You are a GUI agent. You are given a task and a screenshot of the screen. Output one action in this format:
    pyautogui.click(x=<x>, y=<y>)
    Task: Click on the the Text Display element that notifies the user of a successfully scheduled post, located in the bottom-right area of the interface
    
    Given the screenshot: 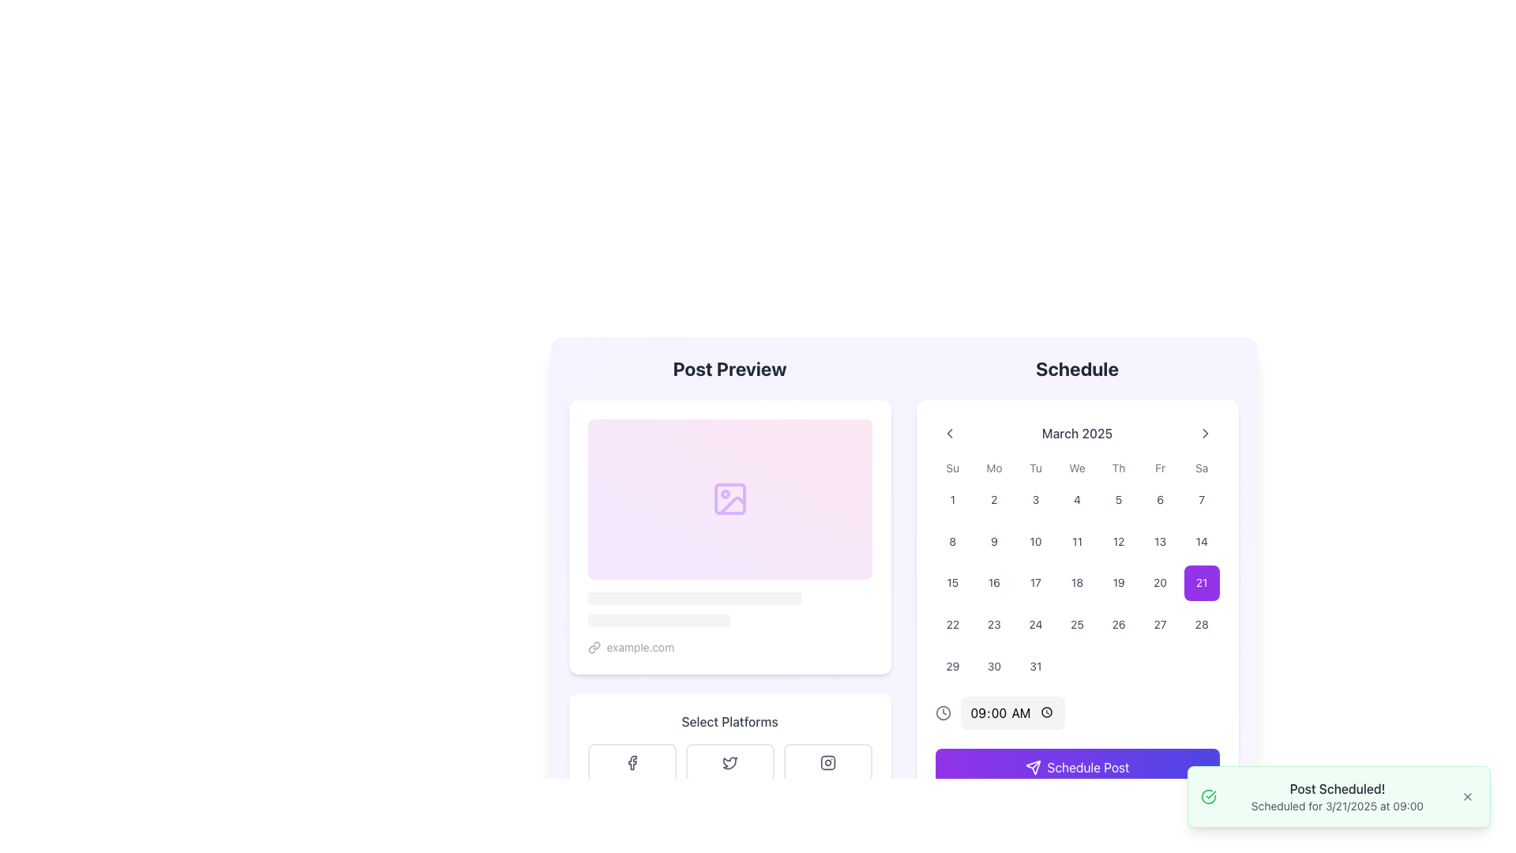 What is the action you would take?
    pyautogui.click(x=1337, y=797)
    